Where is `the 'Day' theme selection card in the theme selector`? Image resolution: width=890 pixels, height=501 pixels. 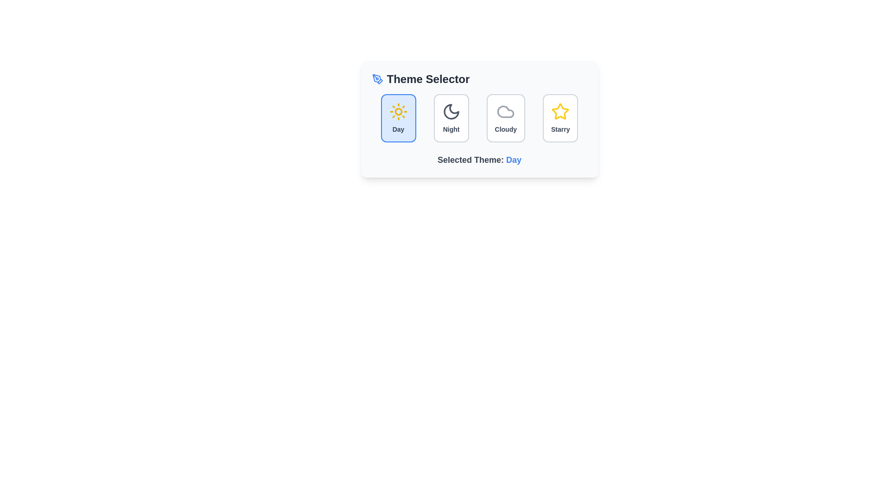
the 'Day' theme selection card in the theme selector is located at coordinates (398, 117).